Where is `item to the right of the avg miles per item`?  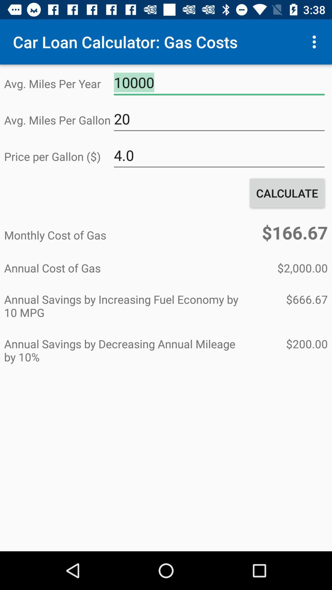
item to the right of the avg miles per item is located at coordinates (219, 119).